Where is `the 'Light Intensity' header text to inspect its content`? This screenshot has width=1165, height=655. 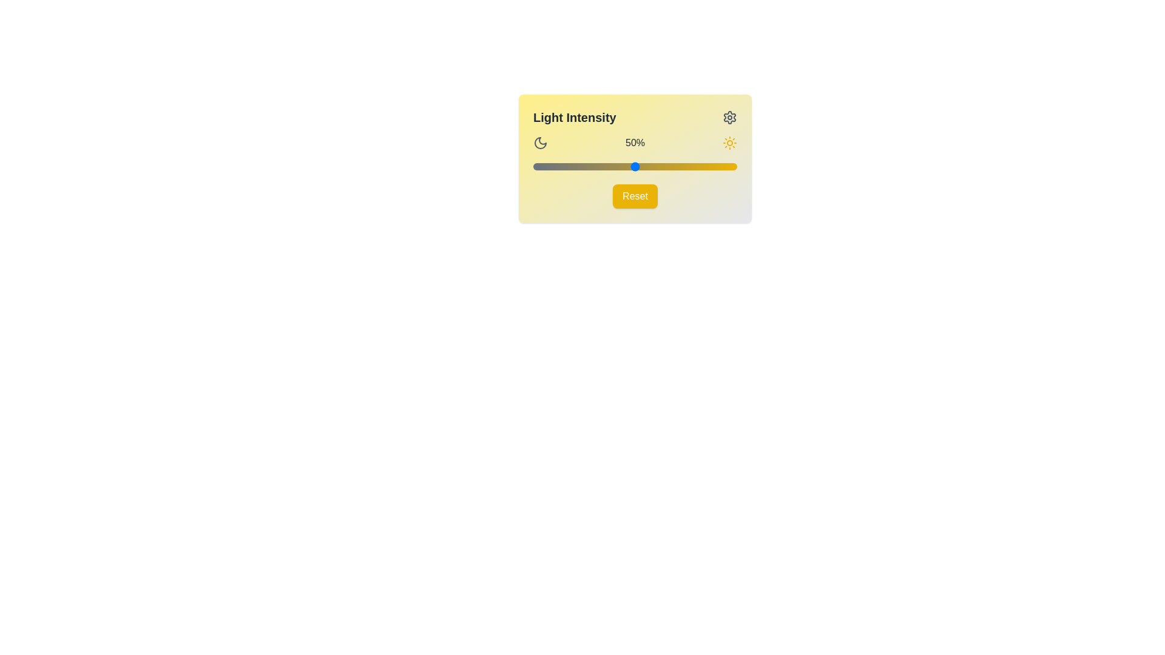 the 'Light Intensity' header text to inspect its content is located at coordinates (573, 117).